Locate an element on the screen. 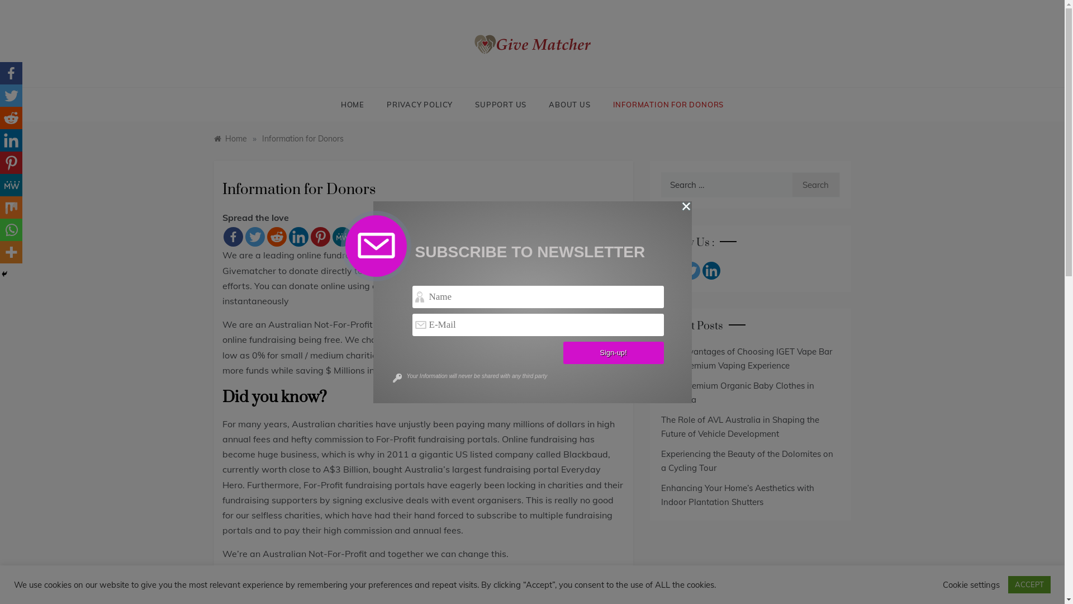 This screenshot has width=1073, height=604. 'Shop Premium Organic Baby Clothes in Australia' is located at coordinates (737, 392).